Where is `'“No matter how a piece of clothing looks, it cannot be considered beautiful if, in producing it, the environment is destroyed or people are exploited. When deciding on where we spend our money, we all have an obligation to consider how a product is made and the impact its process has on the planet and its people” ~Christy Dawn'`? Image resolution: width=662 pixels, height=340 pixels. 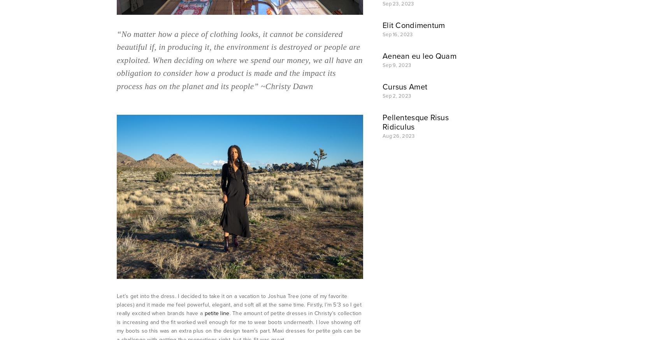
'“No matter how a piece of clothing looks, it cannot be considered beautiful if, in producing it, the environment is destroyed or people are exploited. When deciding on where we spend our money, we all have an obligation to consider how a product is made and the impact its process has on the planet and its people” ~Christy Dawn' is located at coordinates (240, 59).